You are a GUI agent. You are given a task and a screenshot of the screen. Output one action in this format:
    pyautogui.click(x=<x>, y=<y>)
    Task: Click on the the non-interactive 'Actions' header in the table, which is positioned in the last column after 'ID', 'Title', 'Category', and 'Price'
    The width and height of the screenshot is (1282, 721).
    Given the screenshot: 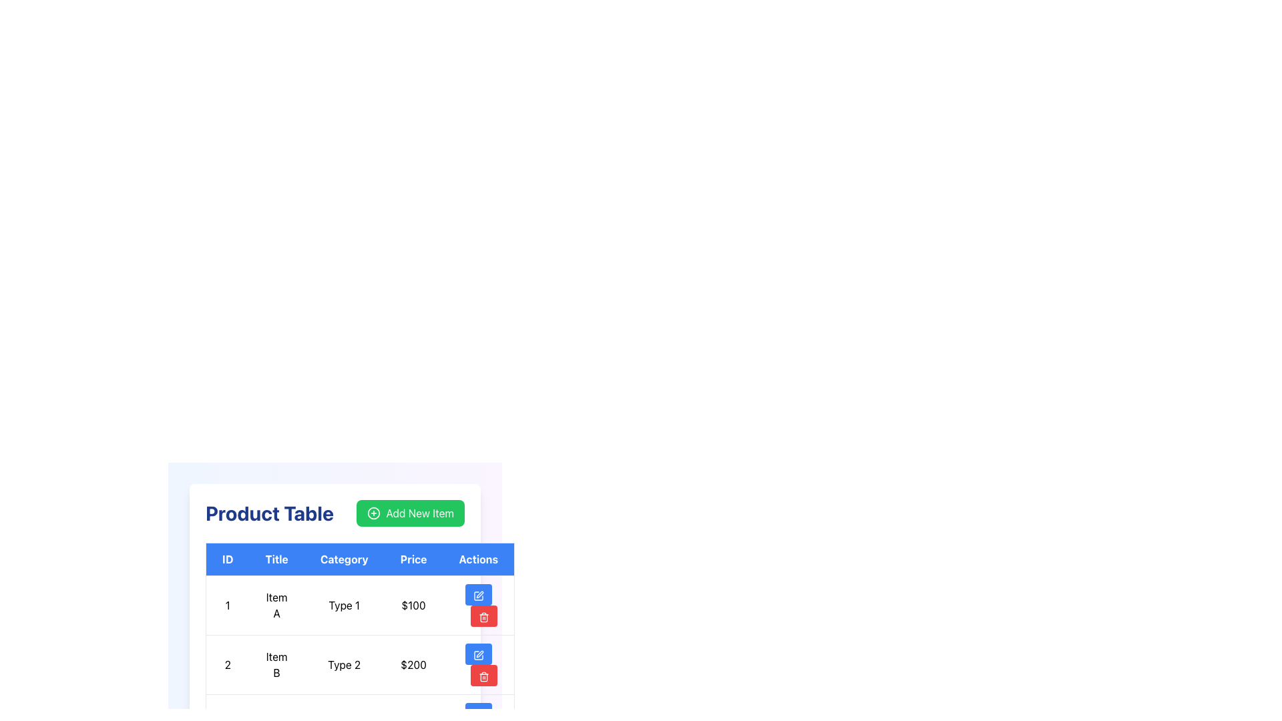 What is the action you would take?
    pyautogui.click(x=479, y=559)
    